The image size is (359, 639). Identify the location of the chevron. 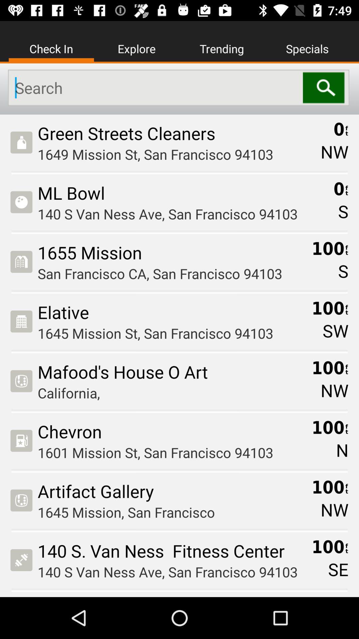
(172, 431).